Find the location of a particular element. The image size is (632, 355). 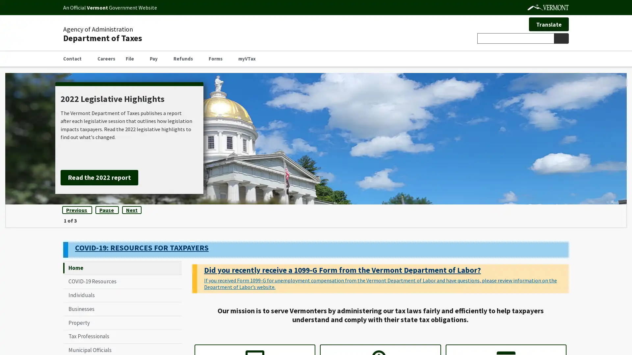

Submit is located at coordinates (561, 38).